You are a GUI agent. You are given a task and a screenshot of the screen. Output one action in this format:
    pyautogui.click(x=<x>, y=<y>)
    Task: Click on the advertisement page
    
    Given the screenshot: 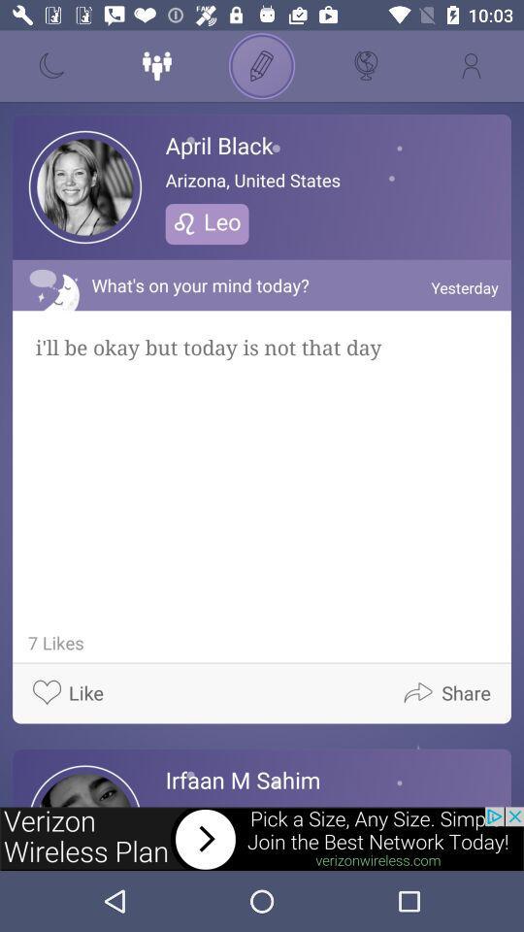 What is the action you would take?
    pyautogui.click(x=262, y=838)
    